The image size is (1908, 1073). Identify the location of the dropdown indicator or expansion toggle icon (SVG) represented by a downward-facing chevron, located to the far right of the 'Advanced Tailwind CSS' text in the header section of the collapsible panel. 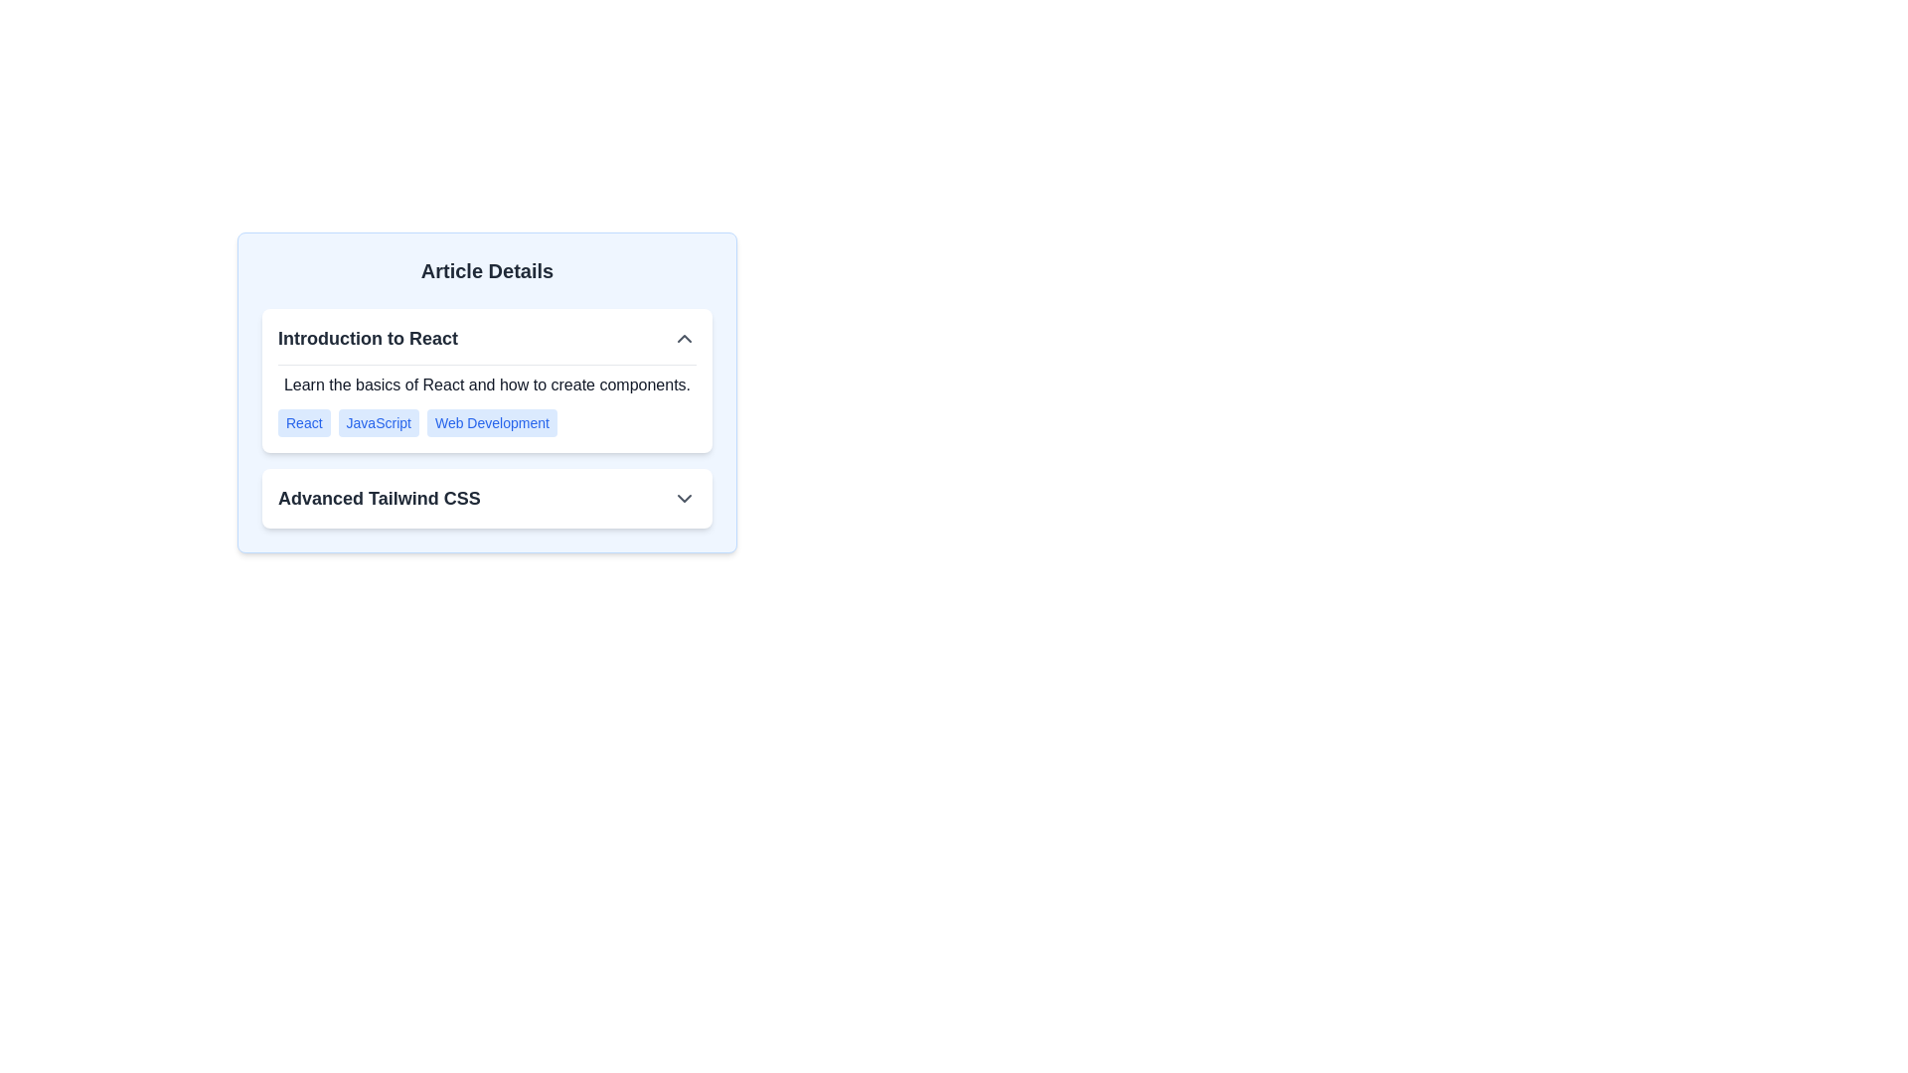
(685, 497).